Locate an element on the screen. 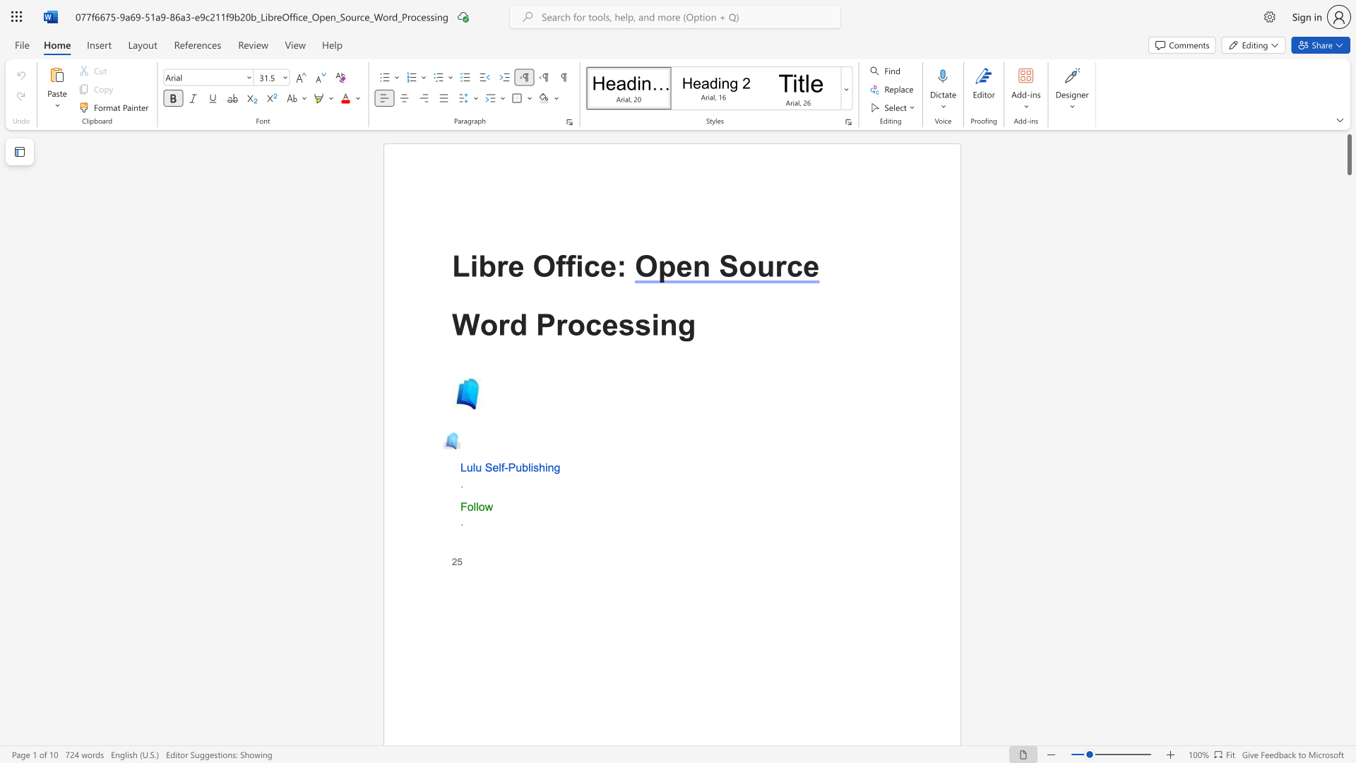 The width and height of the screenshot is (1356, 763). the 2th character "i" in the text is located at coordinates (579, 266).